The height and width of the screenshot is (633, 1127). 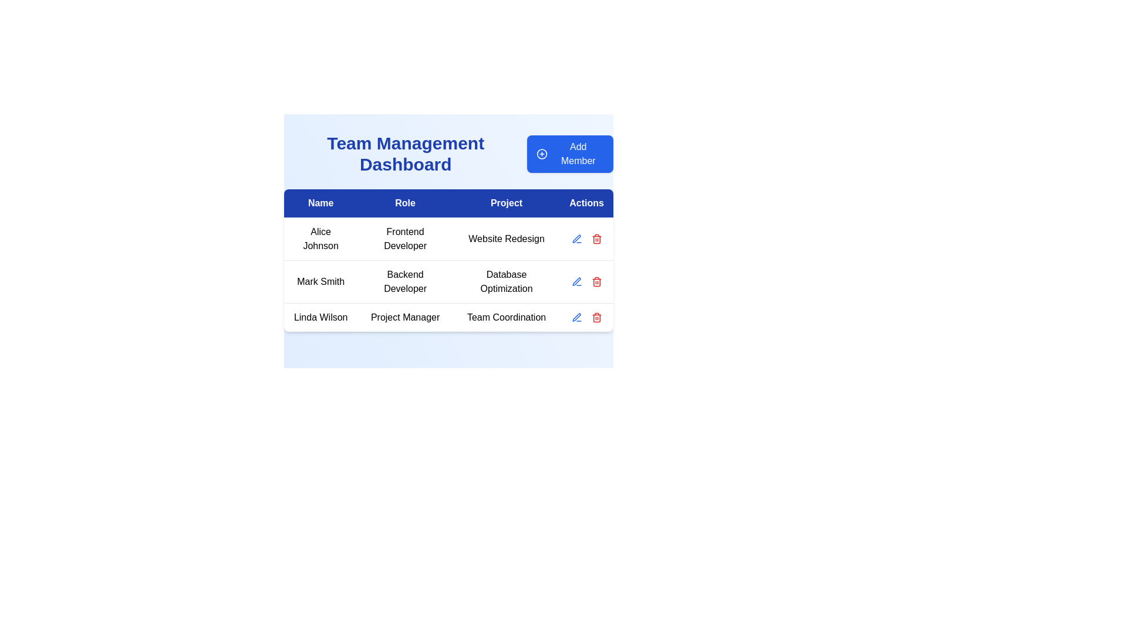 What do you see at coordinates (448, 317) in the screenshot?
I see `the table row element containing information about 'Linda Wilson', including their role as 'Project Manager' and project 'Team Coordination'` at bounding box center [448, 317].